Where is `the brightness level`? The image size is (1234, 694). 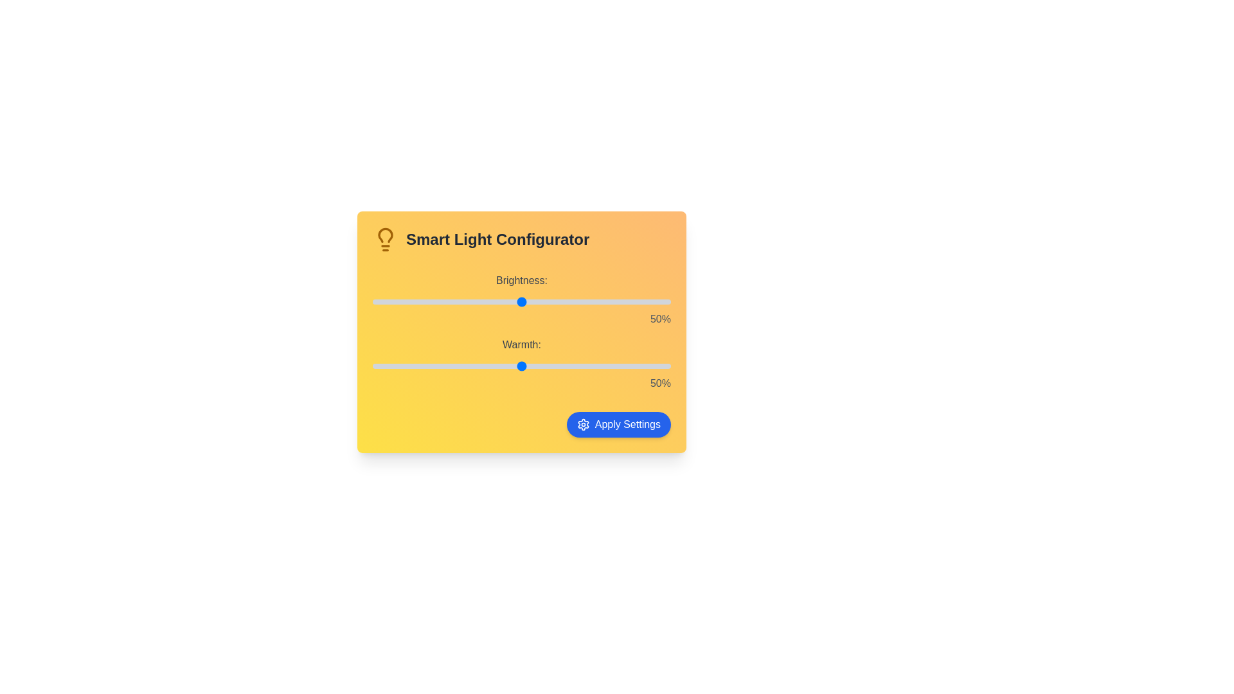 the brightness level is located at coordinates (587, 302).